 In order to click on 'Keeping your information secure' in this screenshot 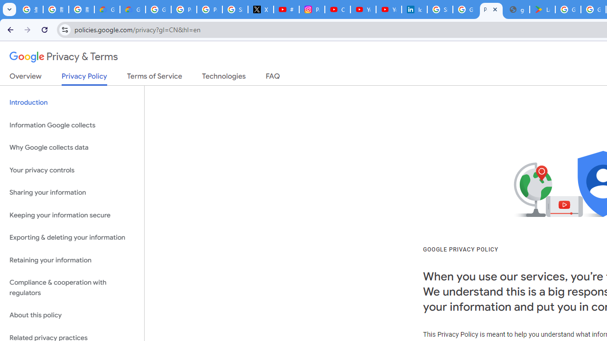, I will do `click(72, 215)`.